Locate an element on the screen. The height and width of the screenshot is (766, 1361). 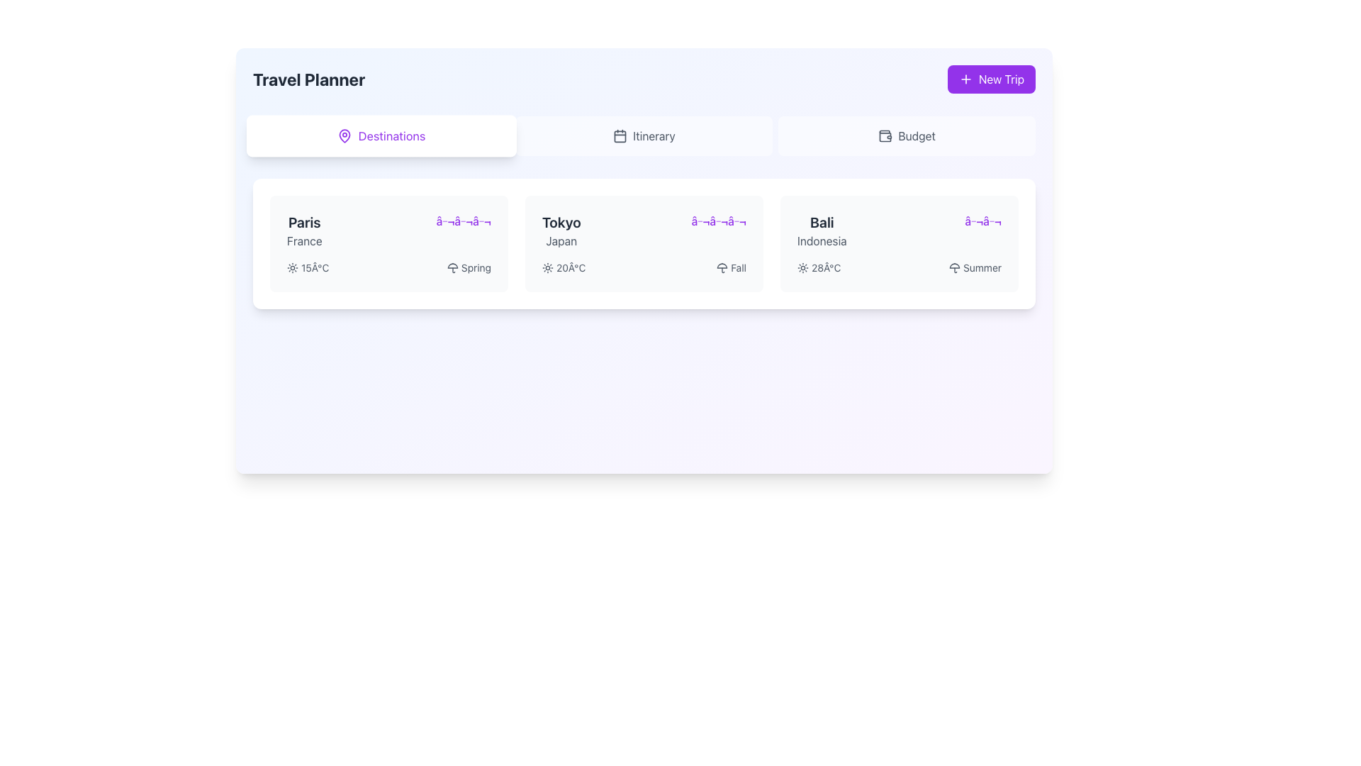
the text label element displaying 'Indonesia' styled in gray, located beneath the bold text 'Bali' in the rightmost card of the 'Destinations' section in the 'Travel Planner' application is located at coordinates (822, 240).